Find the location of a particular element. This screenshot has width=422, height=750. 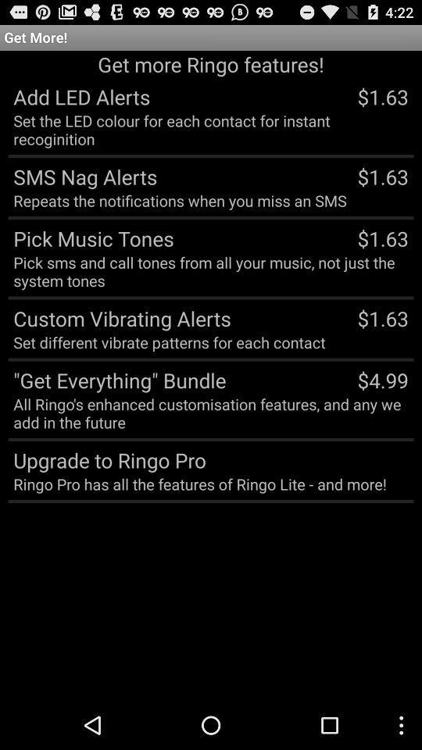

the item below all ringo s item is located at coordinates (408, 459).